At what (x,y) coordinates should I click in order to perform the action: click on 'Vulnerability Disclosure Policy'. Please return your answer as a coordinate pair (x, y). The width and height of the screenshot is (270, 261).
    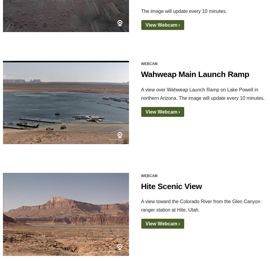
    Looking at the image, I should click on (82, 190).